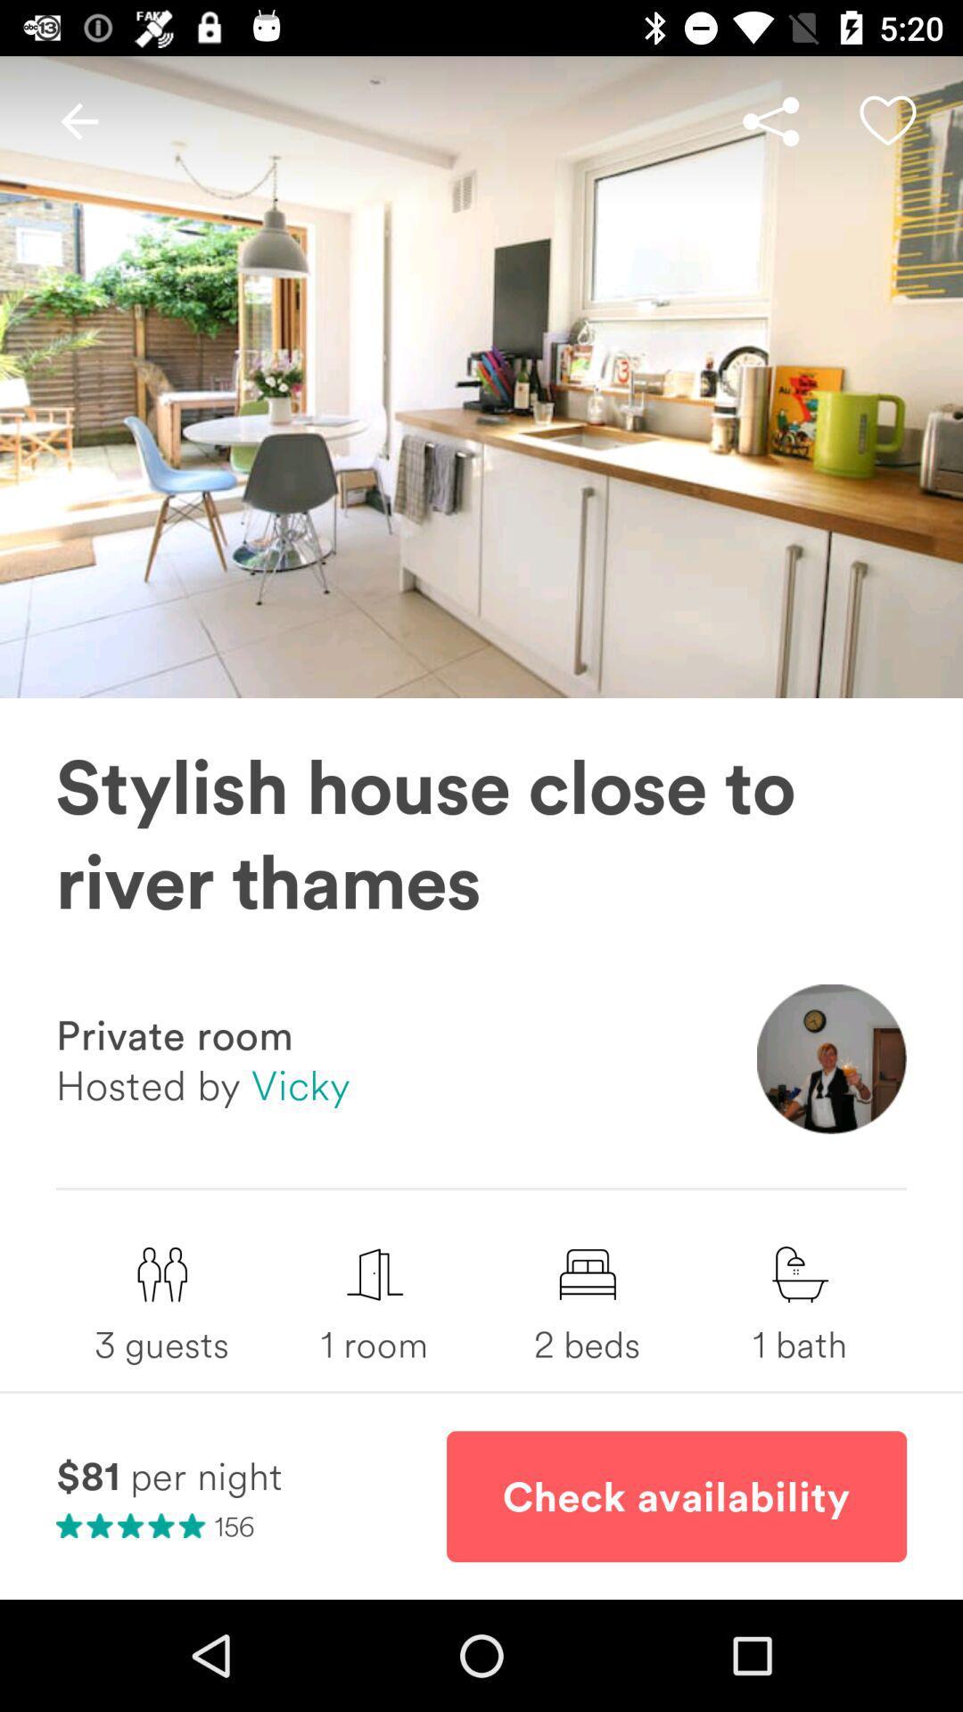  I want to click on icon above the stylish house close item, so click(887, 120).